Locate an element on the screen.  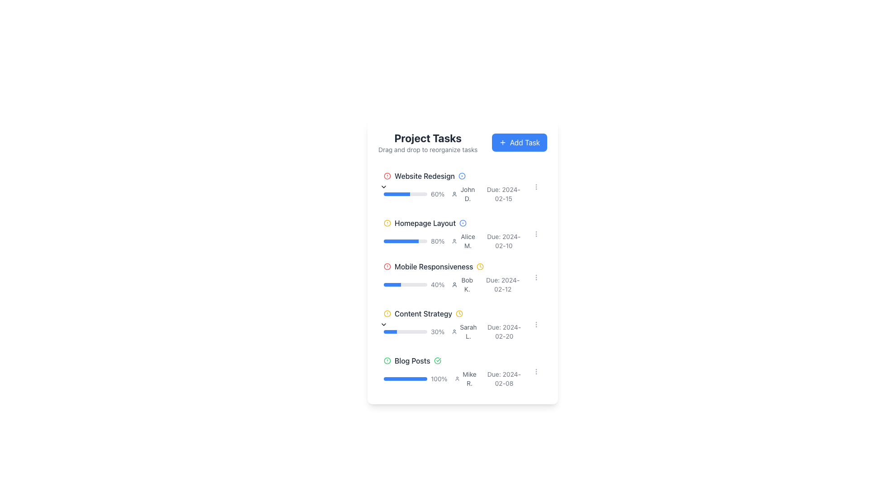
the Circular Indicator SVG element that serves as a visual indicator or status marker for the 'Content Strategy' task is located at coordinates (387, 360).